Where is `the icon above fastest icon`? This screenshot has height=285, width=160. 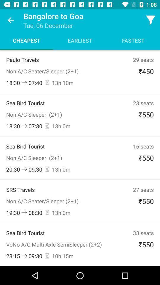 the icon above fastest icon is located at coordinates (151, 20).